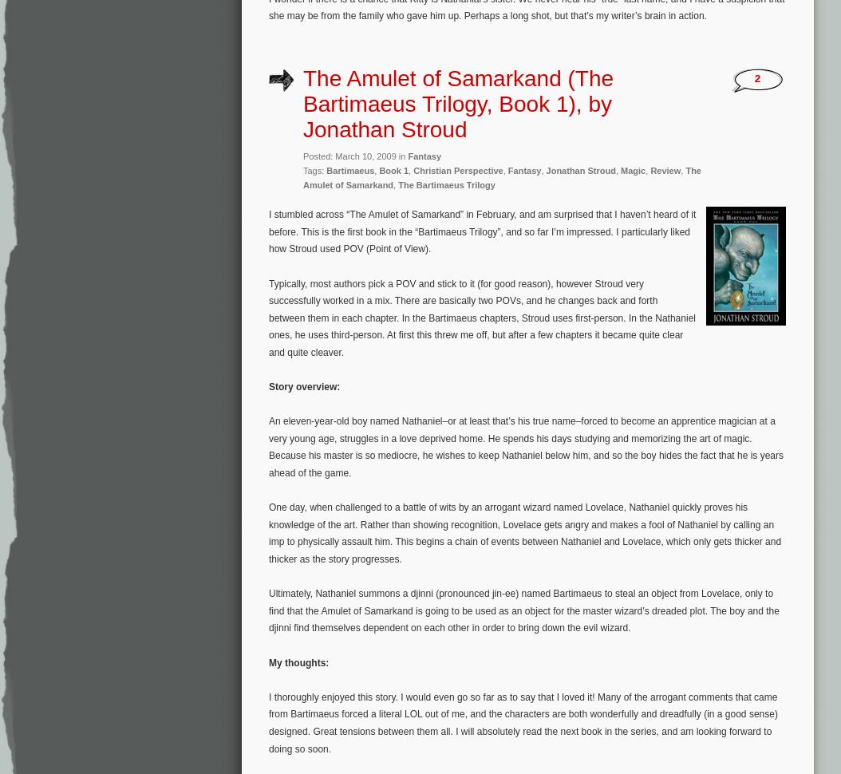  What do you see at coordinates (302, 170) in the screenshot?
I see `'Tags:'` at bounding box center [302, 170].